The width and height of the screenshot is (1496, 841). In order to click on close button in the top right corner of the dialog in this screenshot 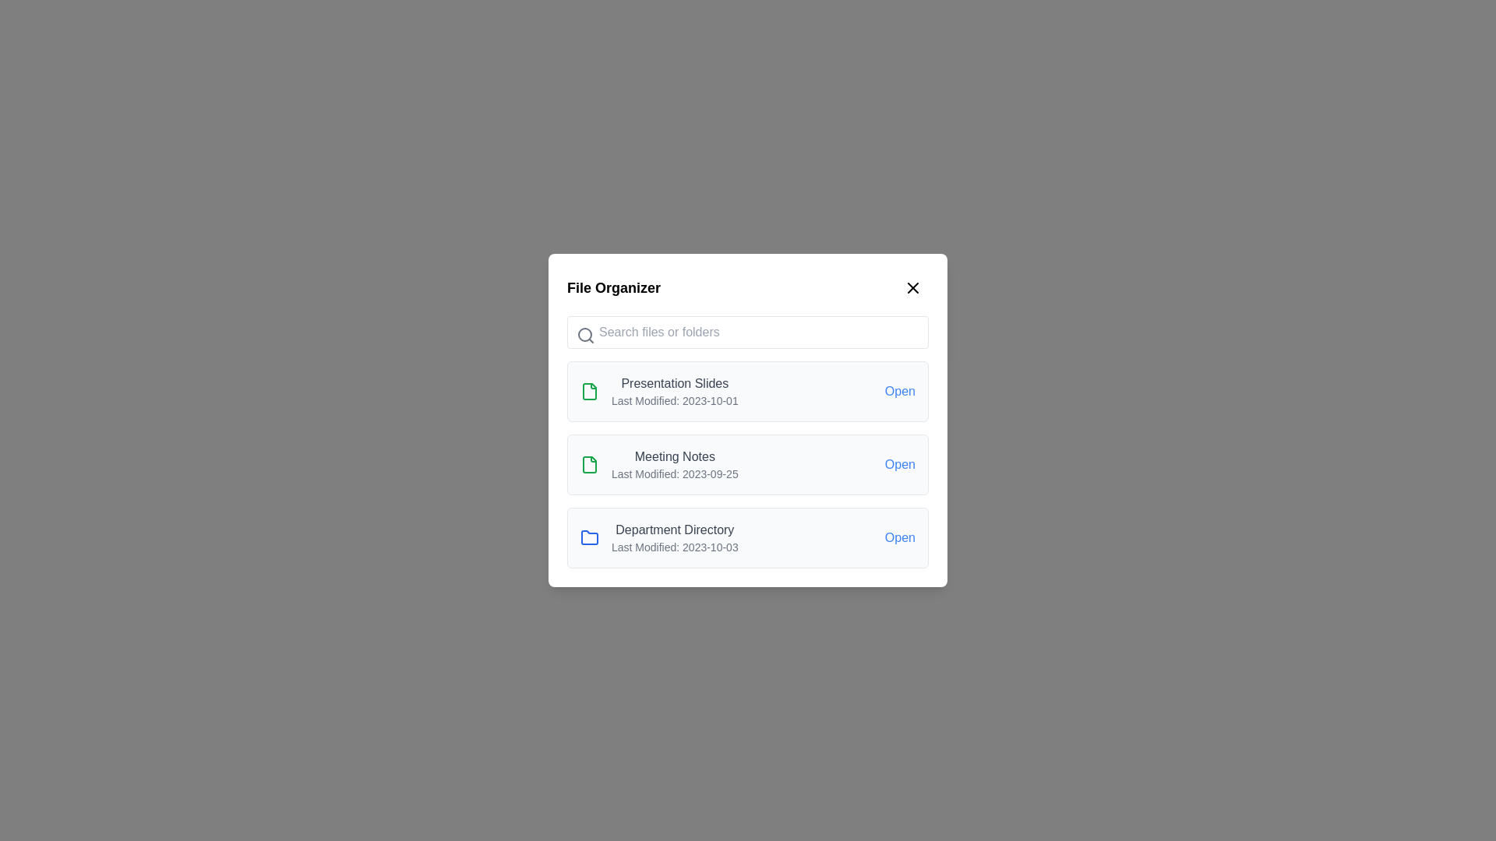, I will do `click(912, 288)`.